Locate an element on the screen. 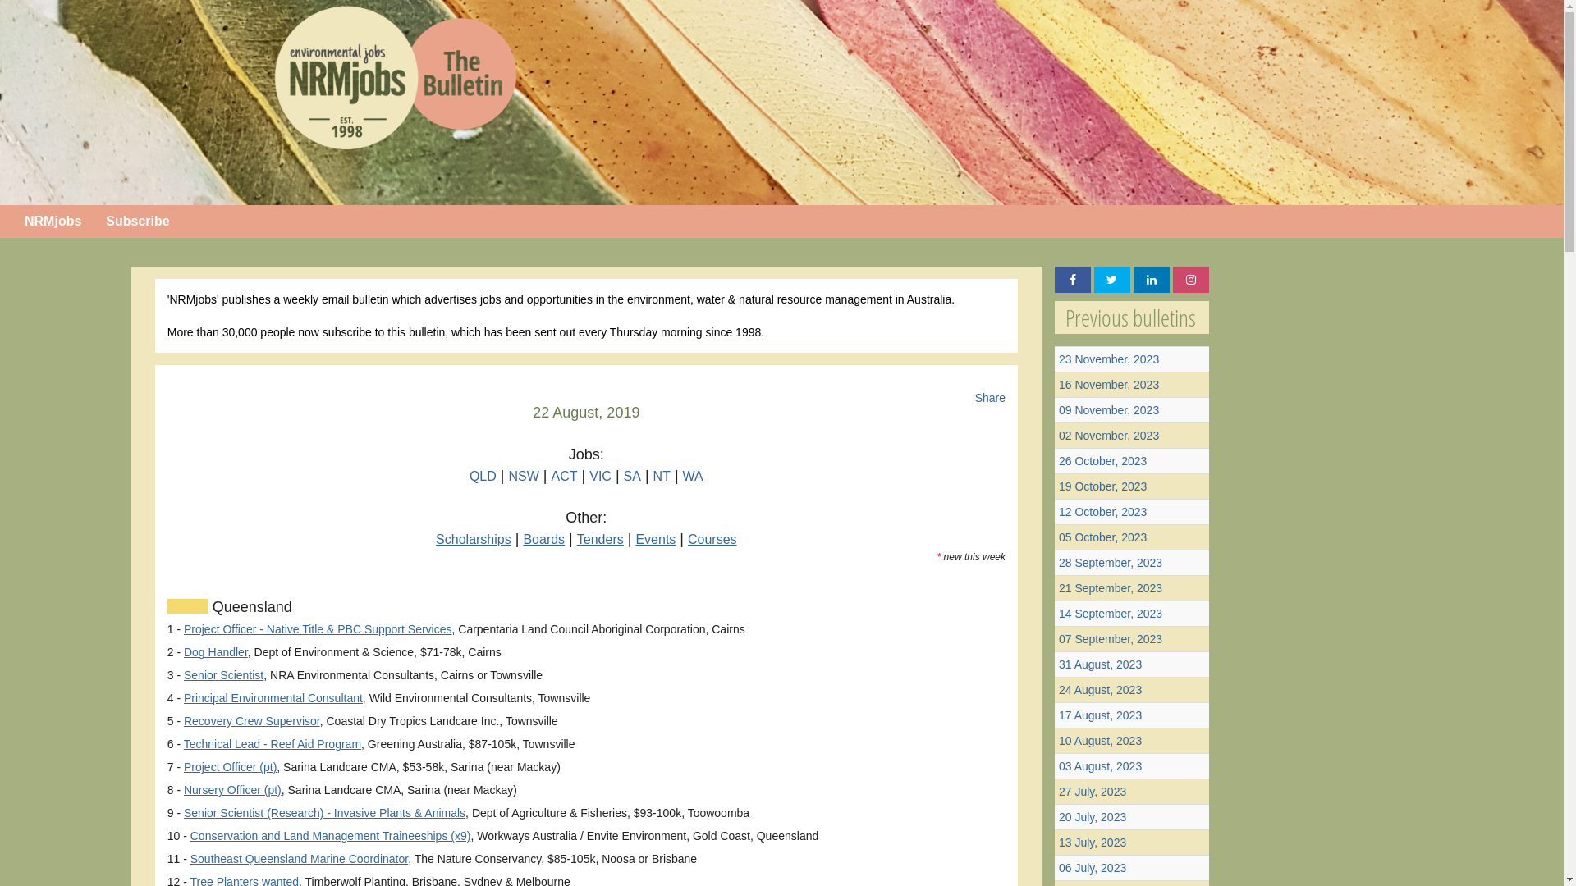 This screenshot has width=1576, height=886. 'Principal Environmental Consultant' is located at coordinates (273, 698).